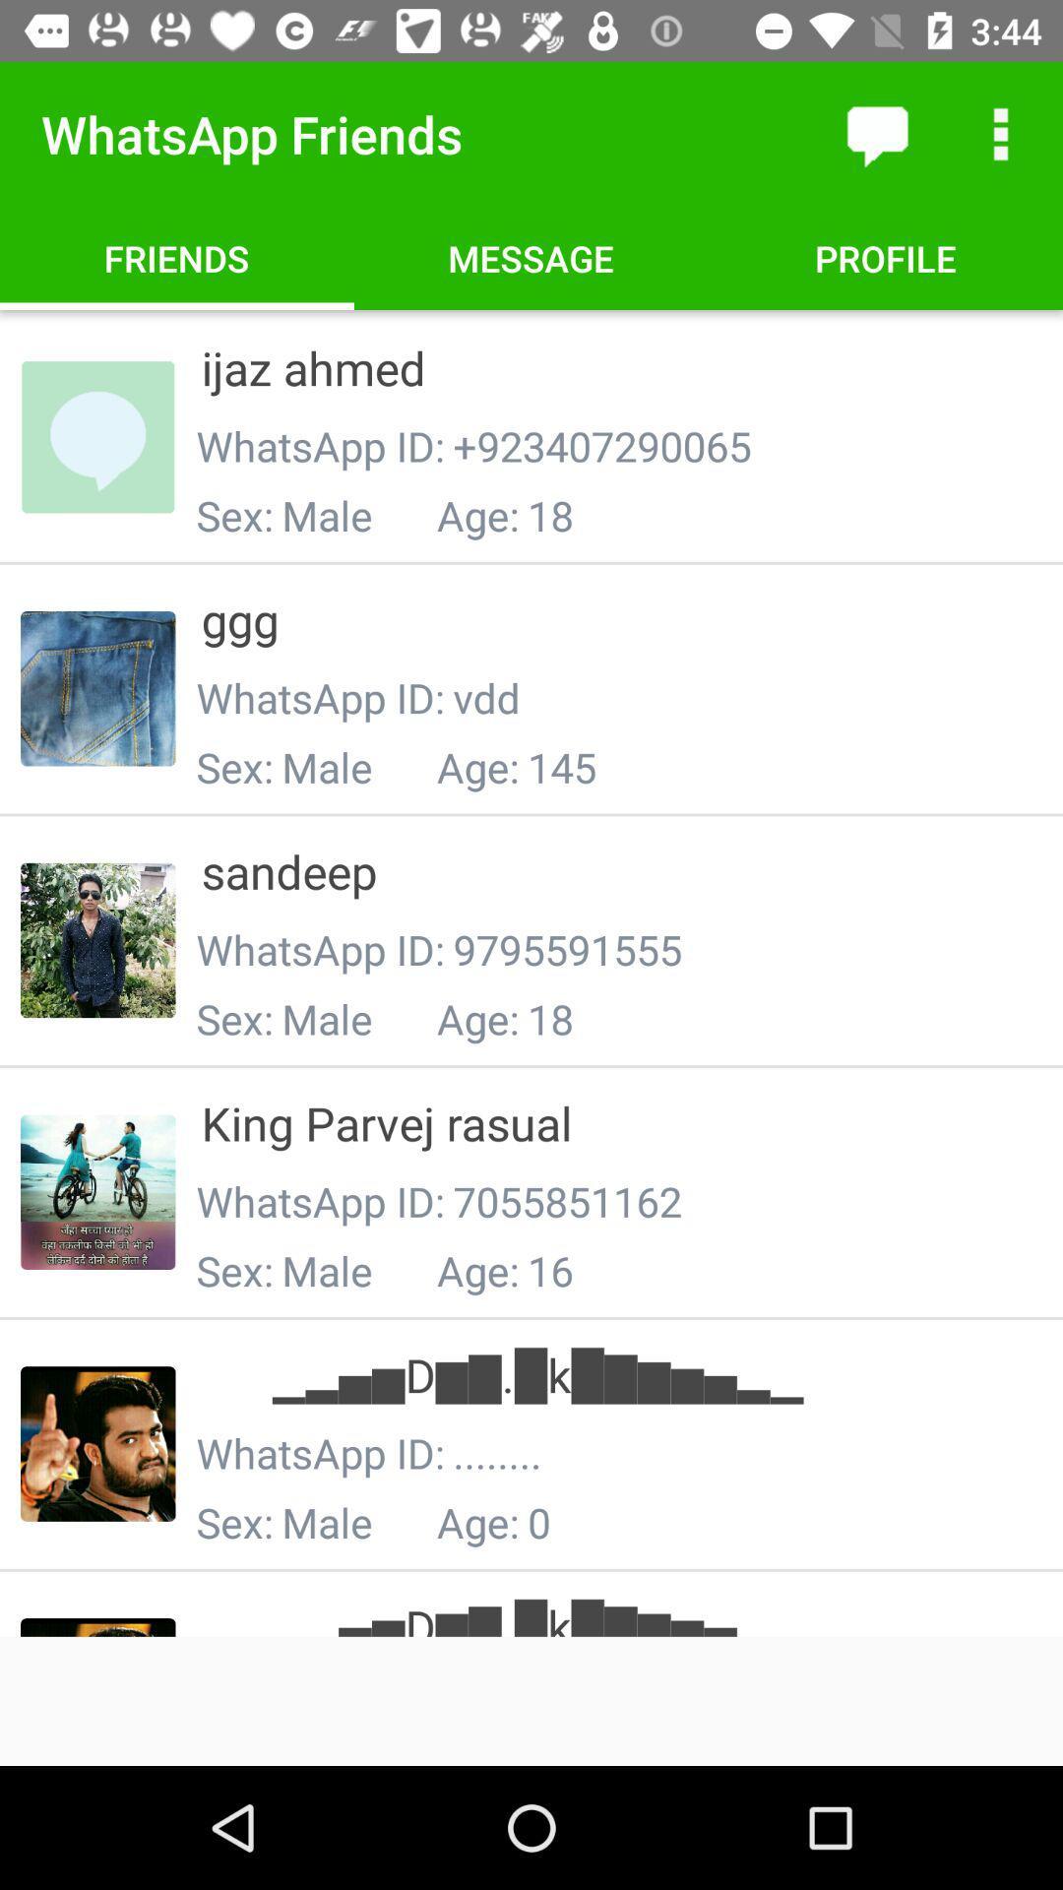  Describe the element at coordinates (1001, 133) in the screenshot. I see `more options` at that location.